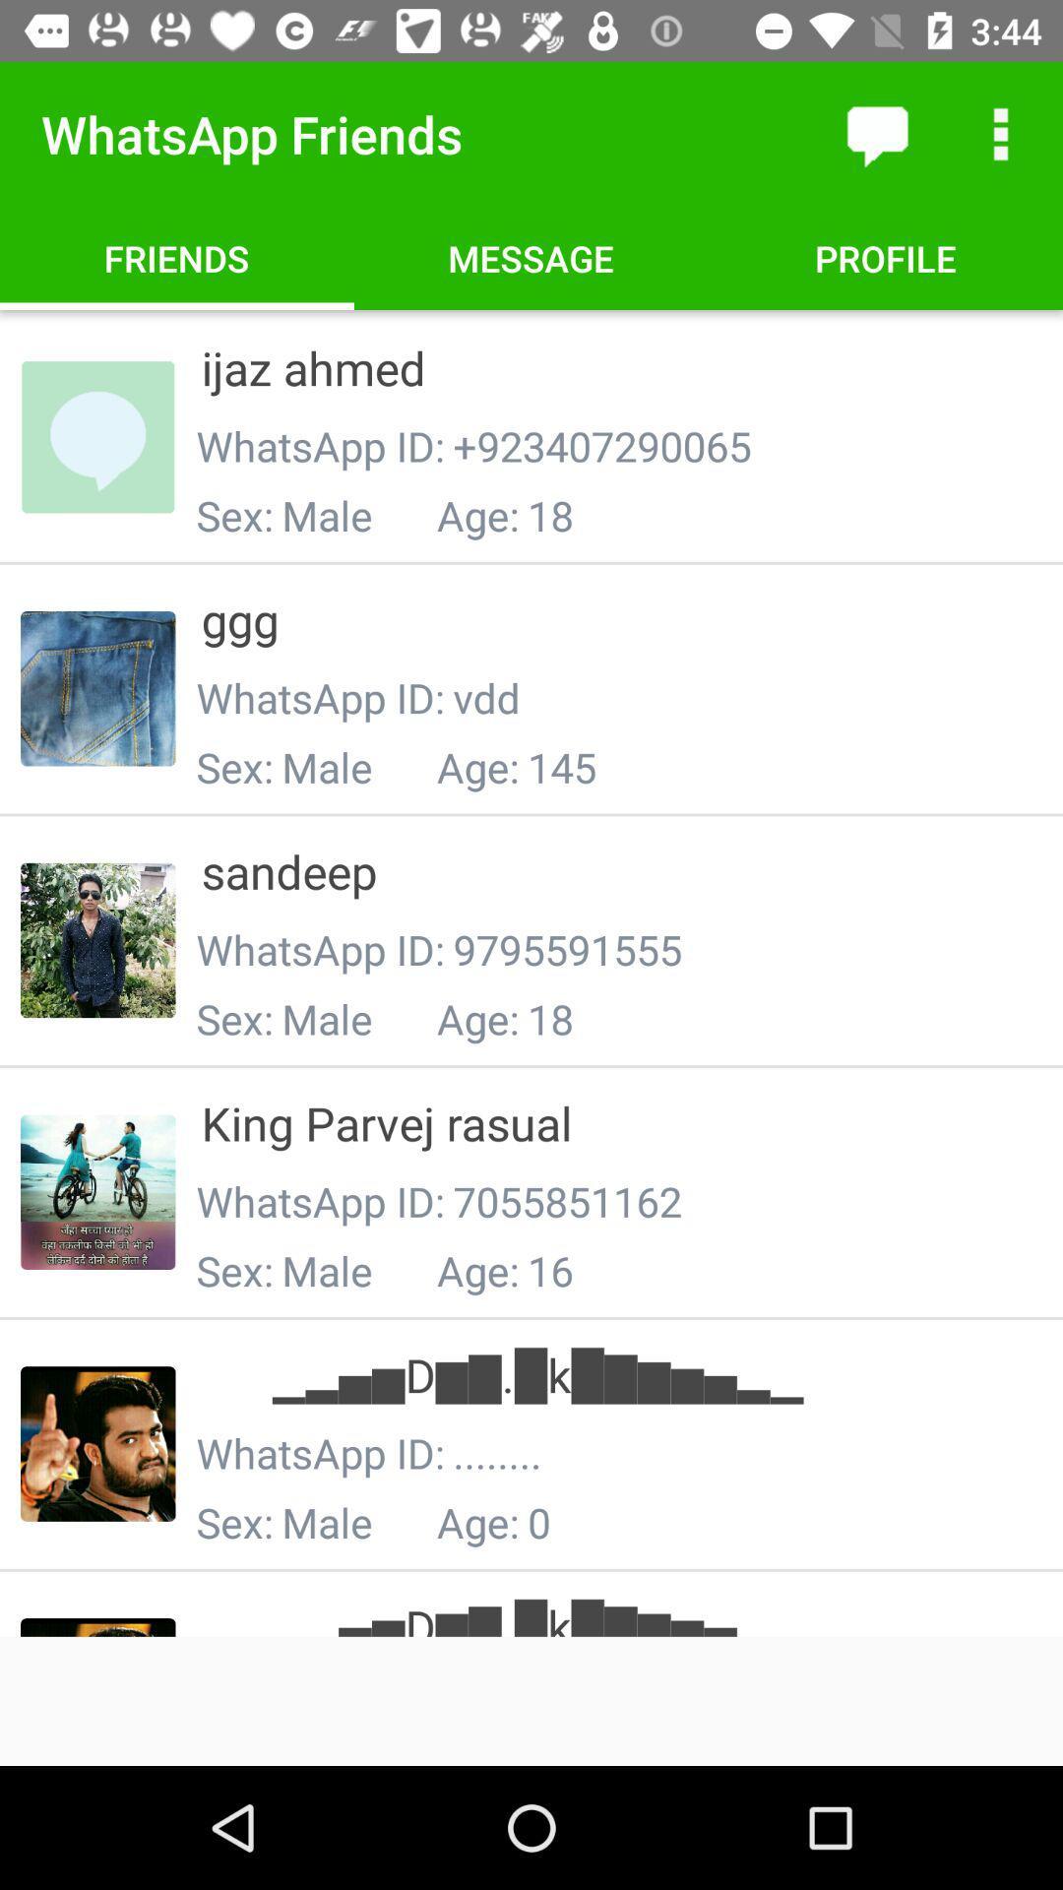  Describe the element at coordinates (1001, 133) in the screenshot. I see `more options` at that location.